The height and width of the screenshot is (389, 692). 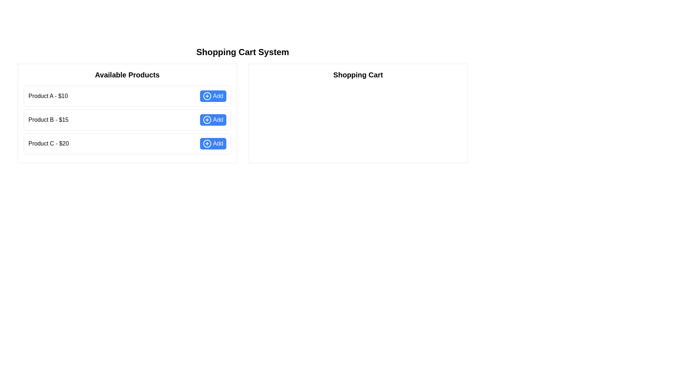 I want to click on the shopping cart display area located on the right side of the layout, so click(x=358, y=113).